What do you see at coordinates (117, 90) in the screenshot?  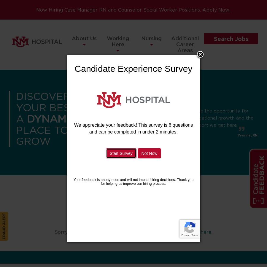 I see `'Life at UNMH'` at bounding box center [117, 90].